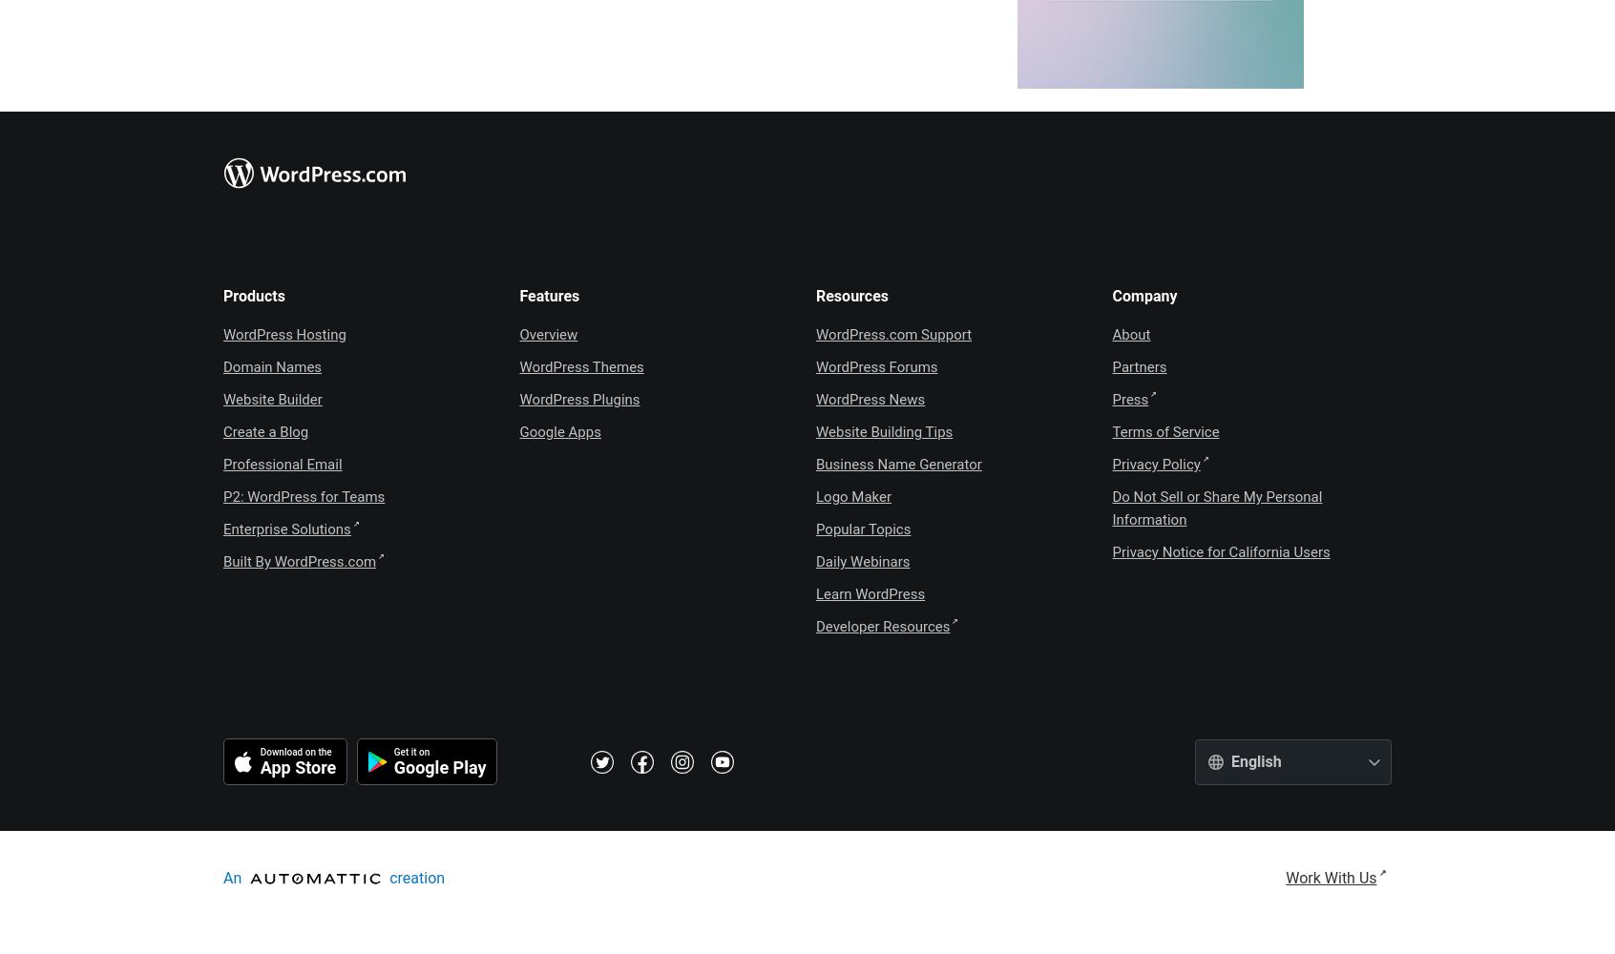  Describe the element at coordinates (223, 878) in the screenshot. I see `'An'` at that location.